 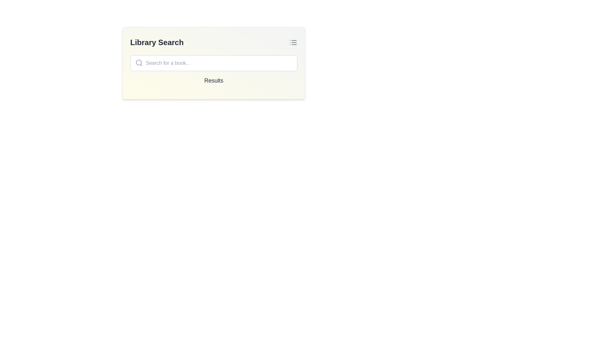 What do you see at coordinates (157, 43) in the screenshot?
I see `the bold-text header labeled 'Library Search', which is positioned at the top left of the panel and is the first component in the sequence` at bounding box center [157, 43].